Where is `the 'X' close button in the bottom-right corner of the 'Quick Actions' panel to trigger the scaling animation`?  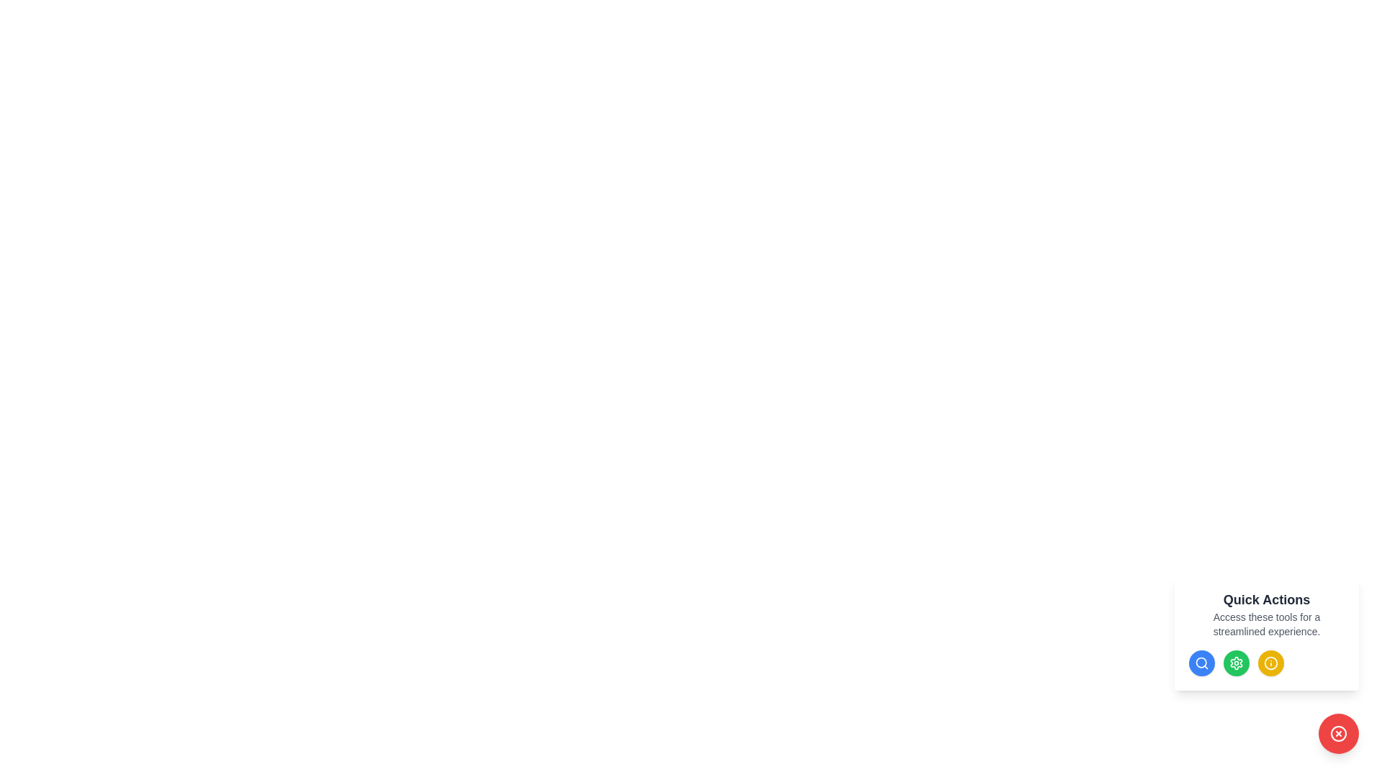
the 'X' close button in the bottom-right corner of the 'Quick Actions' panel to trigger the scaling animation is located at coordinates (1338, 733).